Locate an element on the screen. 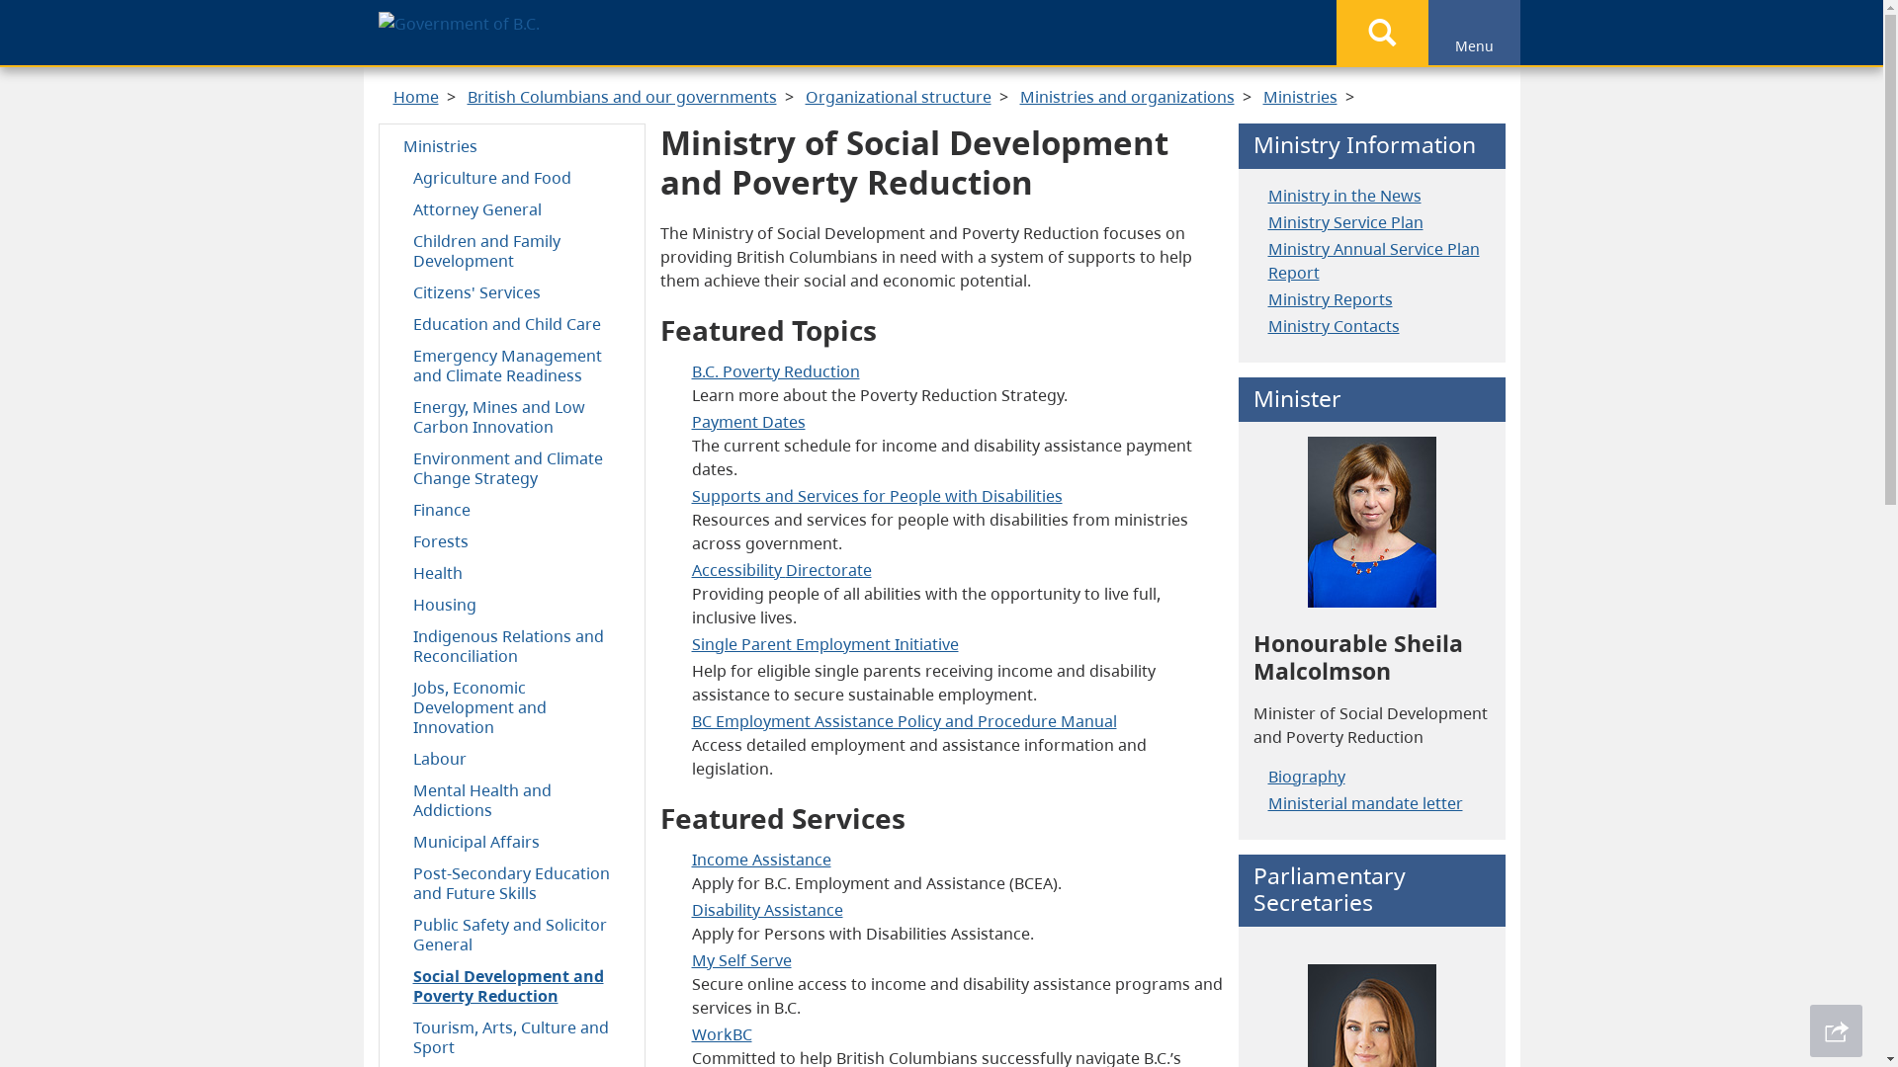 Image resolution: width=1898 pixels, height=1067 pixels. 'Municipal Affairs' is located at coordinates (512, 841).